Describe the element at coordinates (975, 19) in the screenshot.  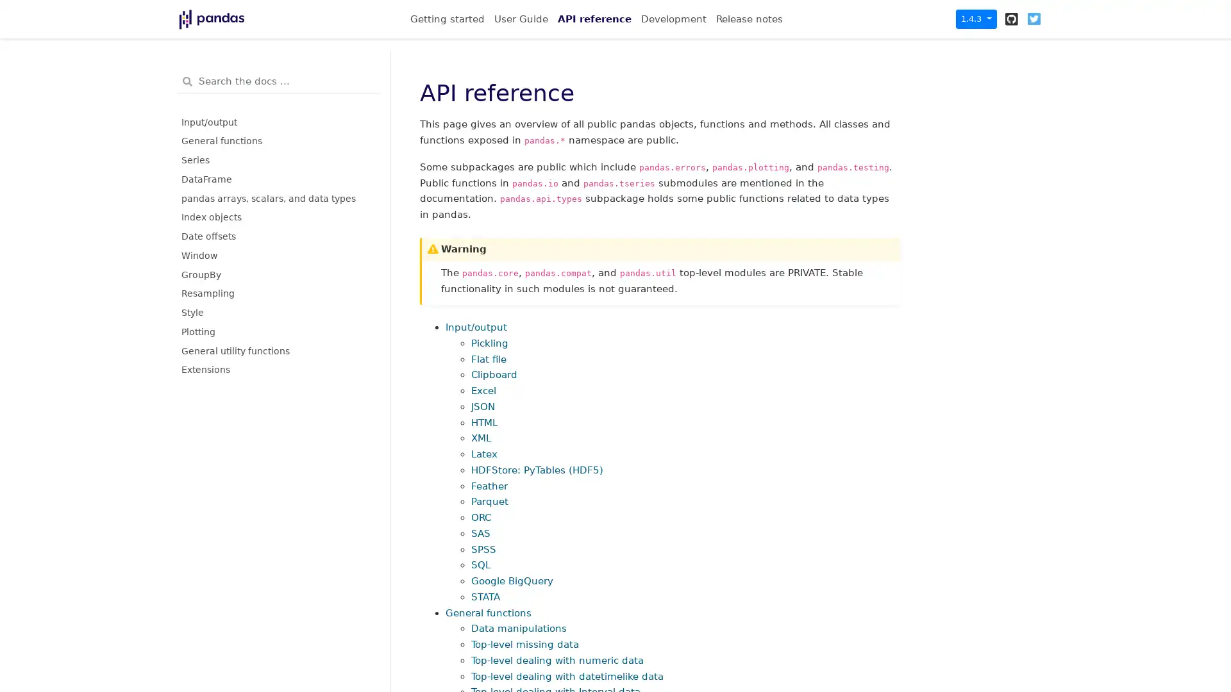
I see `1.4.3` at that location.